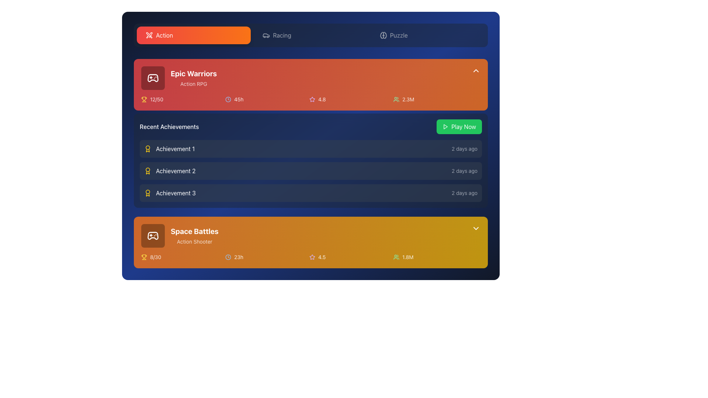 The image size is (708, 398). Describe the element at coordinates (175, 193) in the screenshot. I see `the text label 'Achievement 3' which is styled in white text on a dark blue background, located in the third position of the 'Recent Achievements' list` at that location.